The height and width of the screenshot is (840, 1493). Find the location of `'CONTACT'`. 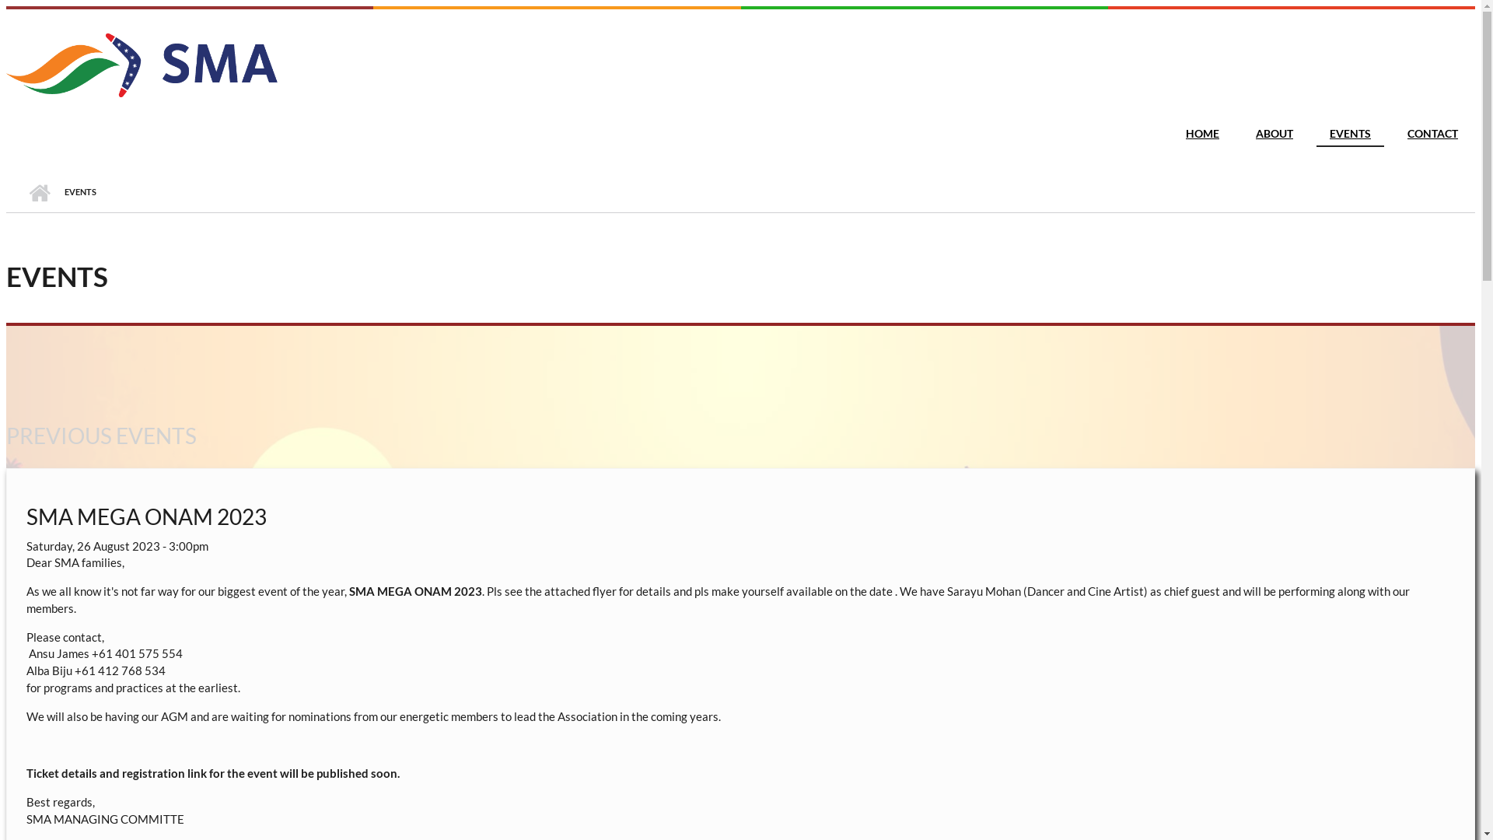

'CONTACT' is located at coordinates (1394, 133).